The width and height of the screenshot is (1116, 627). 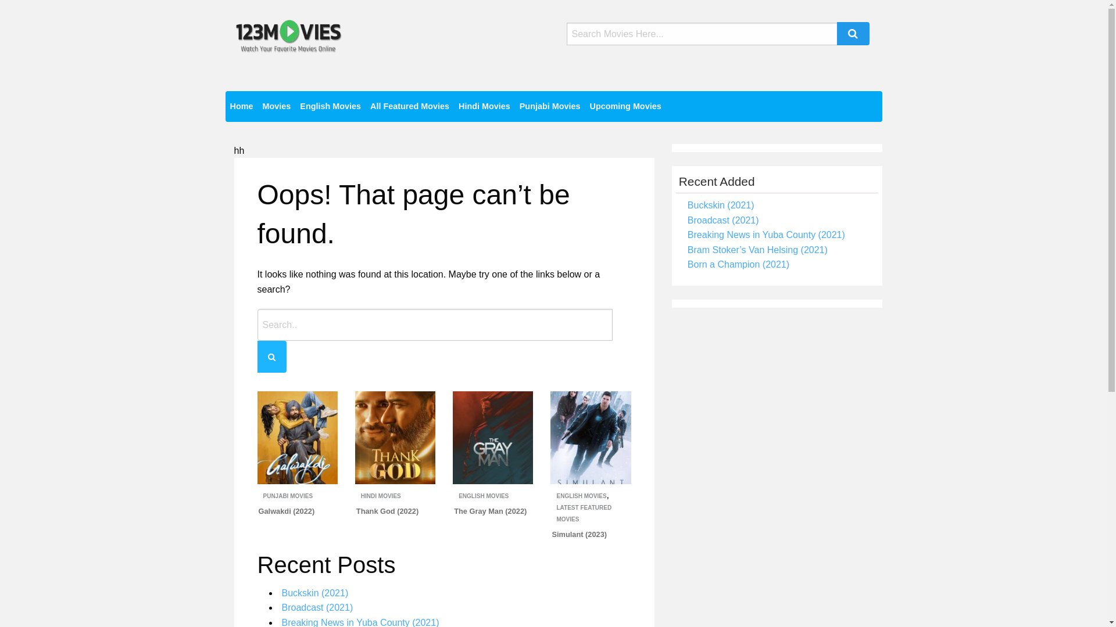 I want to click on 'Thank God (2022)', so click(x=387, y=510).